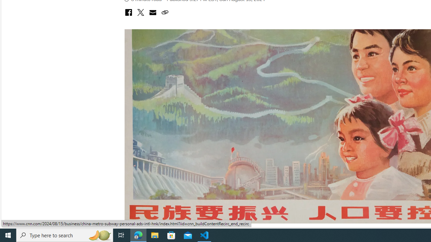 The height and width of the screenshot is (242, 431). What do you see at coordinates (128, 12) in the screenshot?
I see `'Class: icon-social-facebook'` at bounding box center [128, 12].